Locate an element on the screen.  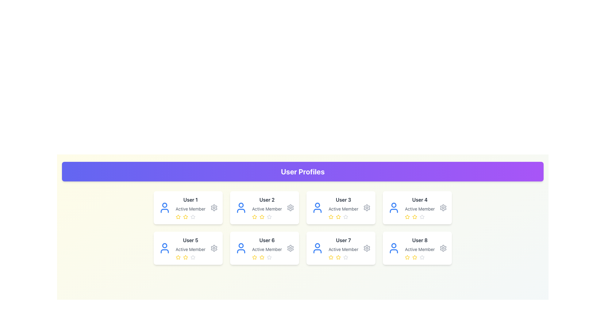
the fifth star icon in the rating system for 'User 3' in the 'User Profiles' section for keyboard interaction is located at coordinates (346, 217).